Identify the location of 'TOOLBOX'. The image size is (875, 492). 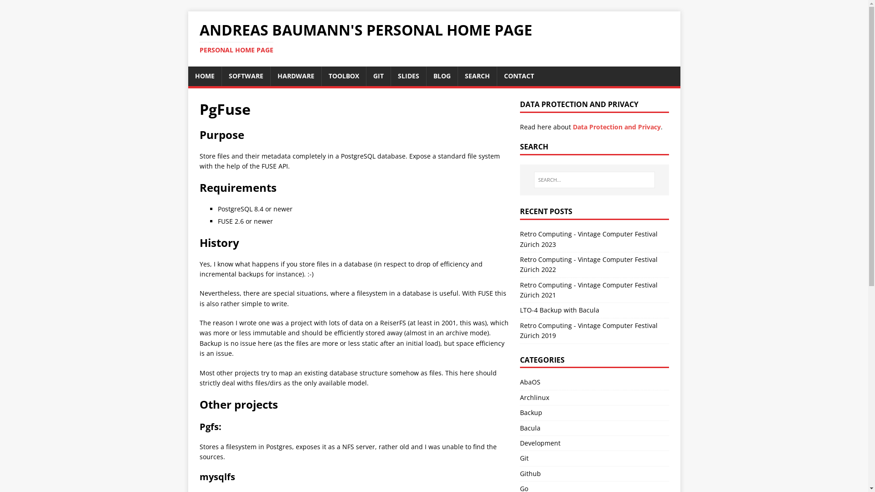
(321, 75).